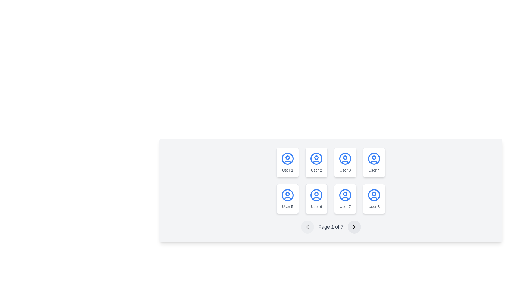 This screenshot has width=522, height=294. What do you see at coordinates (345, 170) in the screenshot?
I see `the text label displaying 'User 3' which is located beneath the user icon in the card positioned in the first row and third column of the user grid` at bounding box center [345, 170].